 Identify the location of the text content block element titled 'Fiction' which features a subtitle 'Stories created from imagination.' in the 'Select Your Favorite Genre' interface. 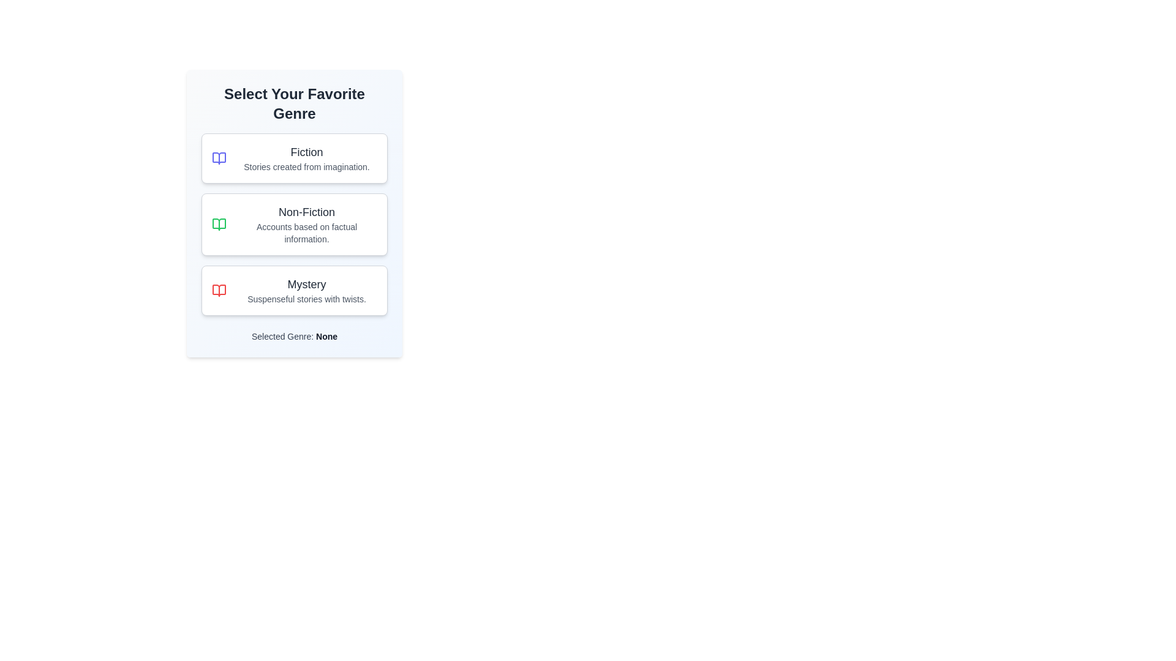
(306, 157).